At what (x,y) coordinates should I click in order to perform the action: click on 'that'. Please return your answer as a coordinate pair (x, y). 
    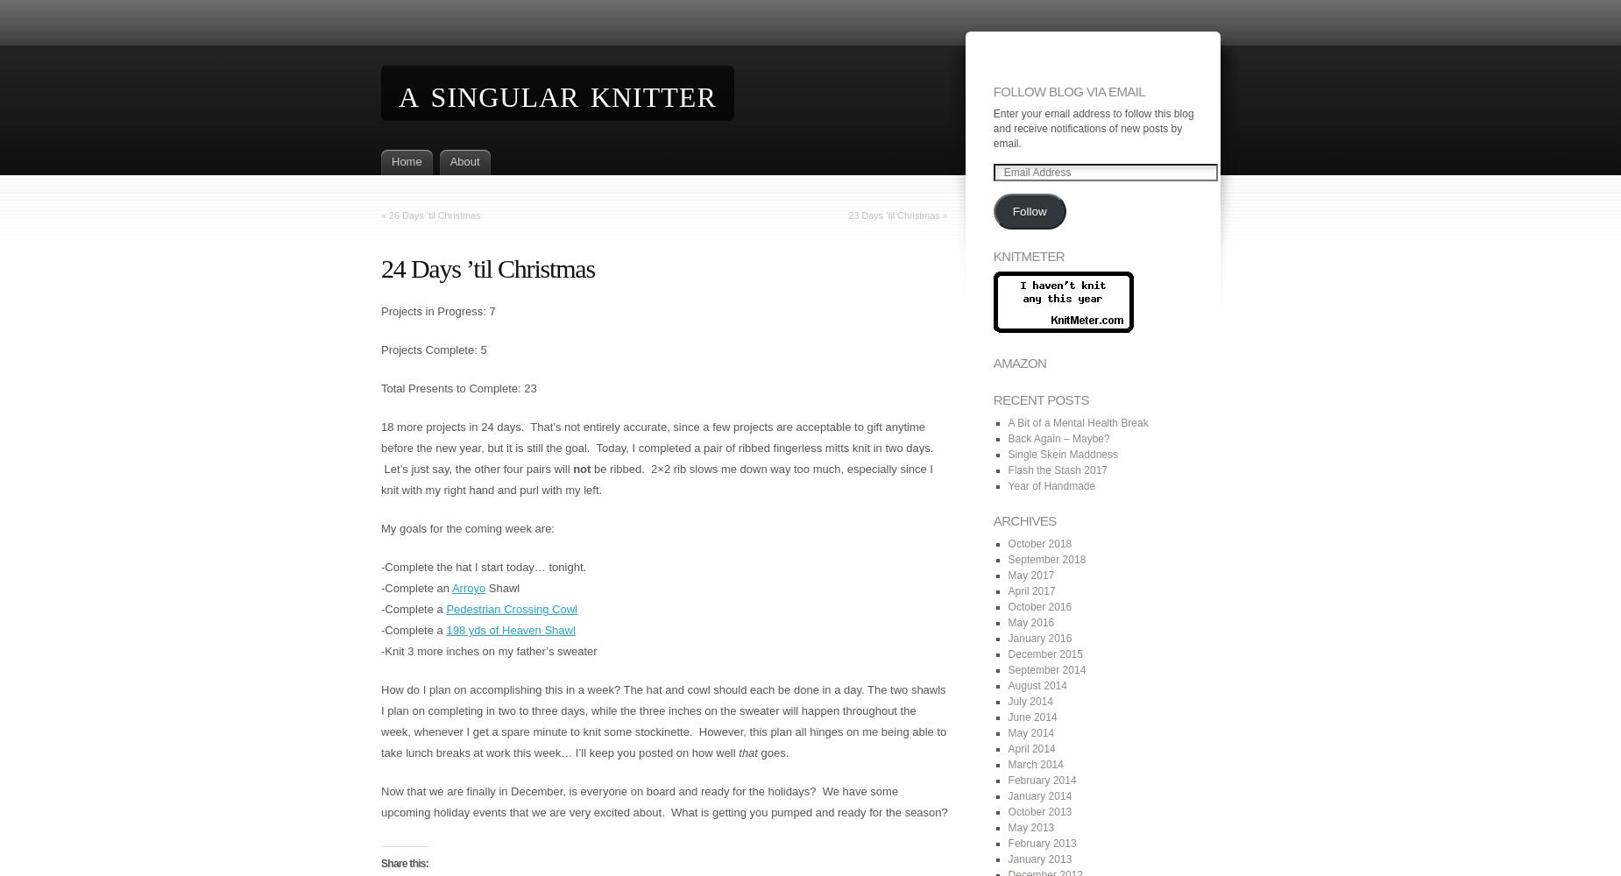
    Looking at the image, I should click on (747, 752).